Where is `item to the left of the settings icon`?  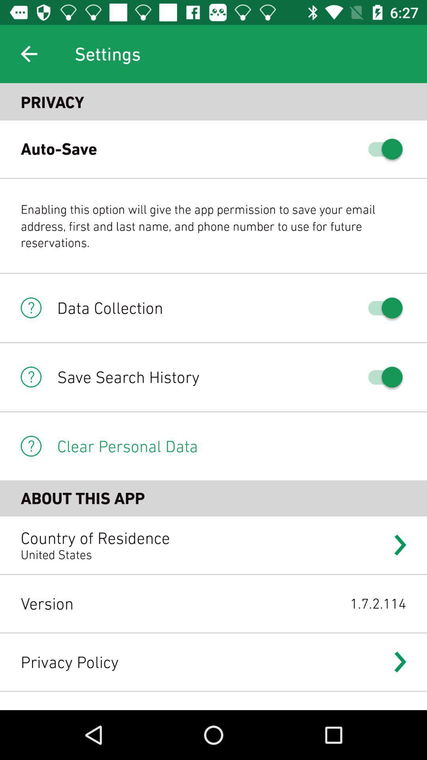 item to the left of the settings icon is located at coordinates (28, 53).